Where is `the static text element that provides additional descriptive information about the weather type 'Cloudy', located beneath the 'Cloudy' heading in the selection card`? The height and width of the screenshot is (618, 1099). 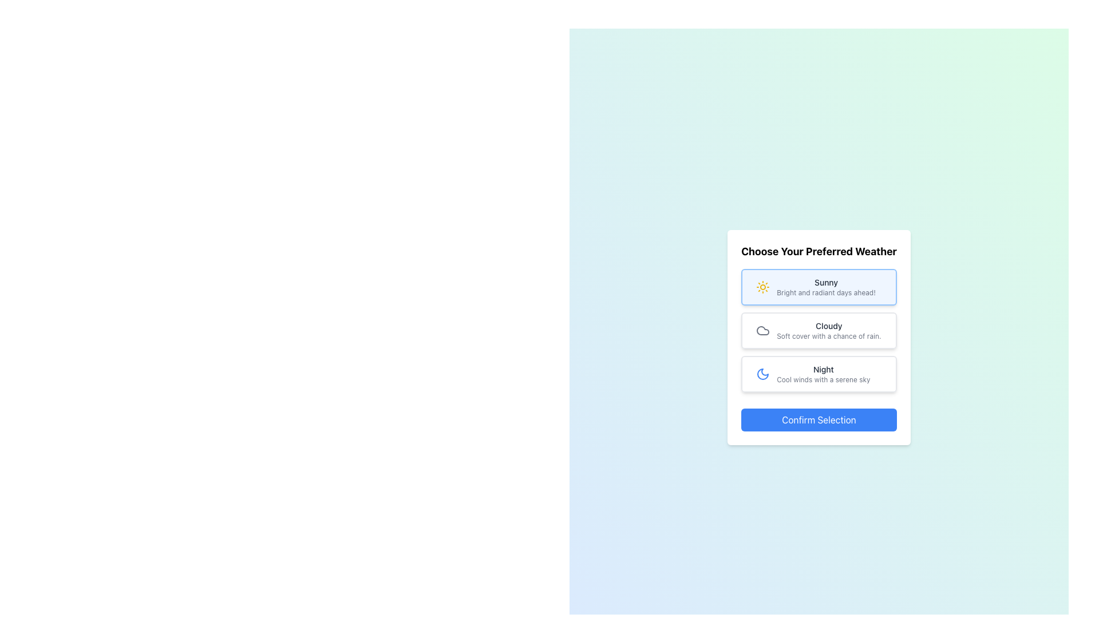 the static text element that provides additional descriptive information about the weather type 'Cloudy', located beneath the 'Cloudy' heading in the selection card is located at coordinates (829, 335).